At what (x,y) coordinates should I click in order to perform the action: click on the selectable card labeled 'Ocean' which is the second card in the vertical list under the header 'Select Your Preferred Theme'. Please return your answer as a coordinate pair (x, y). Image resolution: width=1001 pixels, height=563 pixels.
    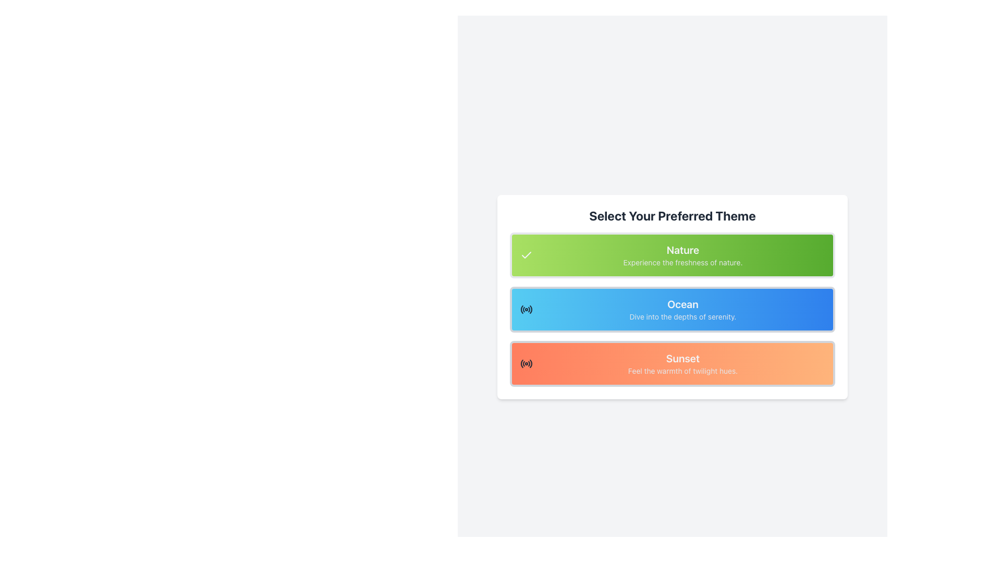
    Looking at the image, I should click on (673, 297).